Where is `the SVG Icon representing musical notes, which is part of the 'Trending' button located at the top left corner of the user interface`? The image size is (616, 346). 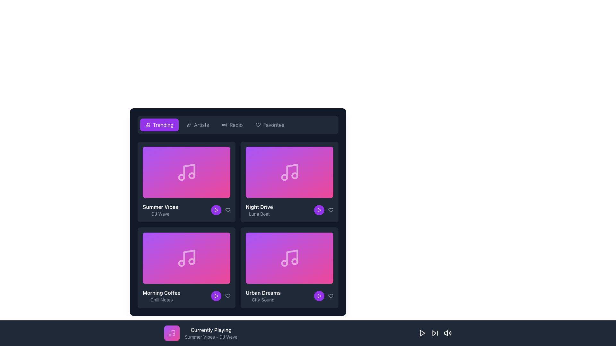 the SVG Icon representing musical notes, which is part of the 'Trending' button located at the top left corner of the user interface is located at coordinates (147, 125).